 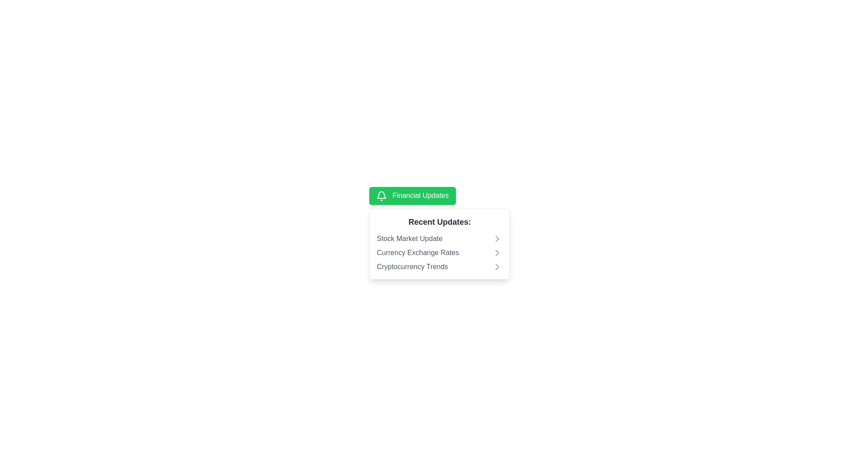 I want to click on the gray right-pointing chevron icon adjacent to the text 'Cryptocurrency Trends' in the dropdown list under 'Recent Updates', so click(x=497, y=266).